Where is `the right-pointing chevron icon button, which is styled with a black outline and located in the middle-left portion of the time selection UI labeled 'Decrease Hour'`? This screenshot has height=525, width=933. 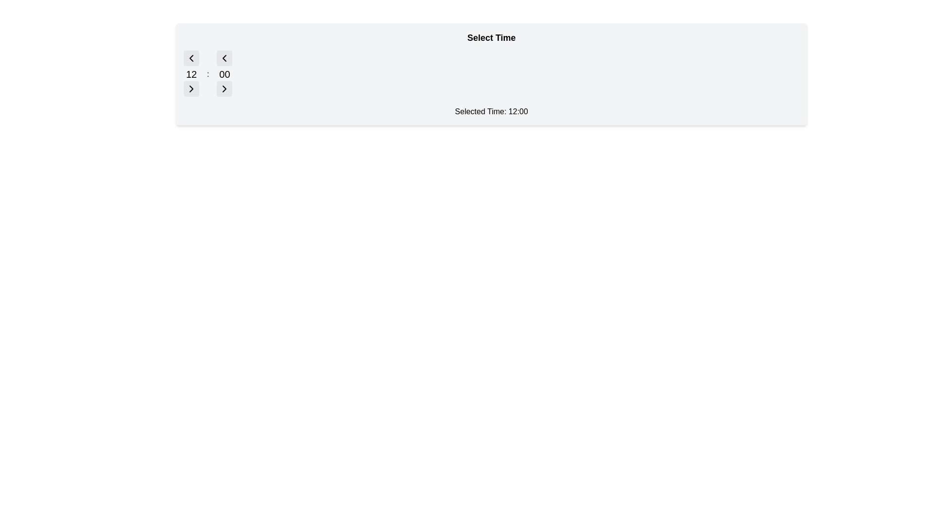
the right-pointing chevron icon button, which is styled with a black outline and located in the middle-left portion of the time selection UI labeled 'Decrease Hour' is located at coordinates (191, 88).